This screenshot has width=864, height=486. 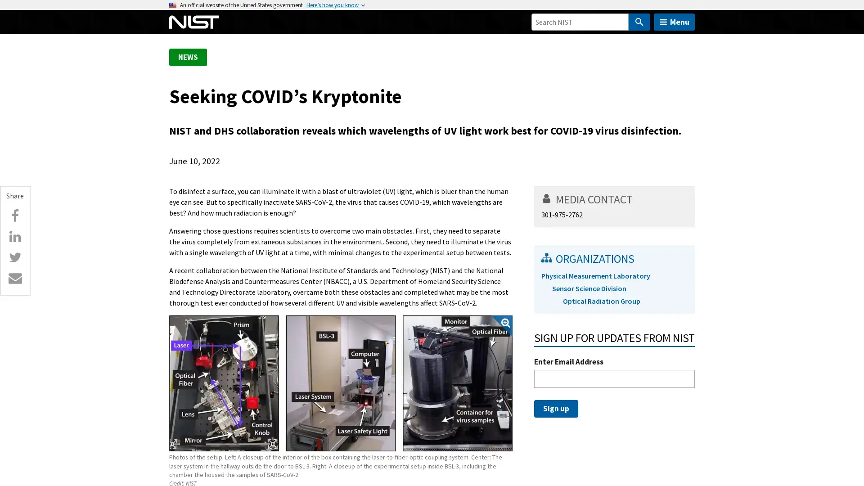 I want to click on Heres how you know, so click(x=332, y=5).